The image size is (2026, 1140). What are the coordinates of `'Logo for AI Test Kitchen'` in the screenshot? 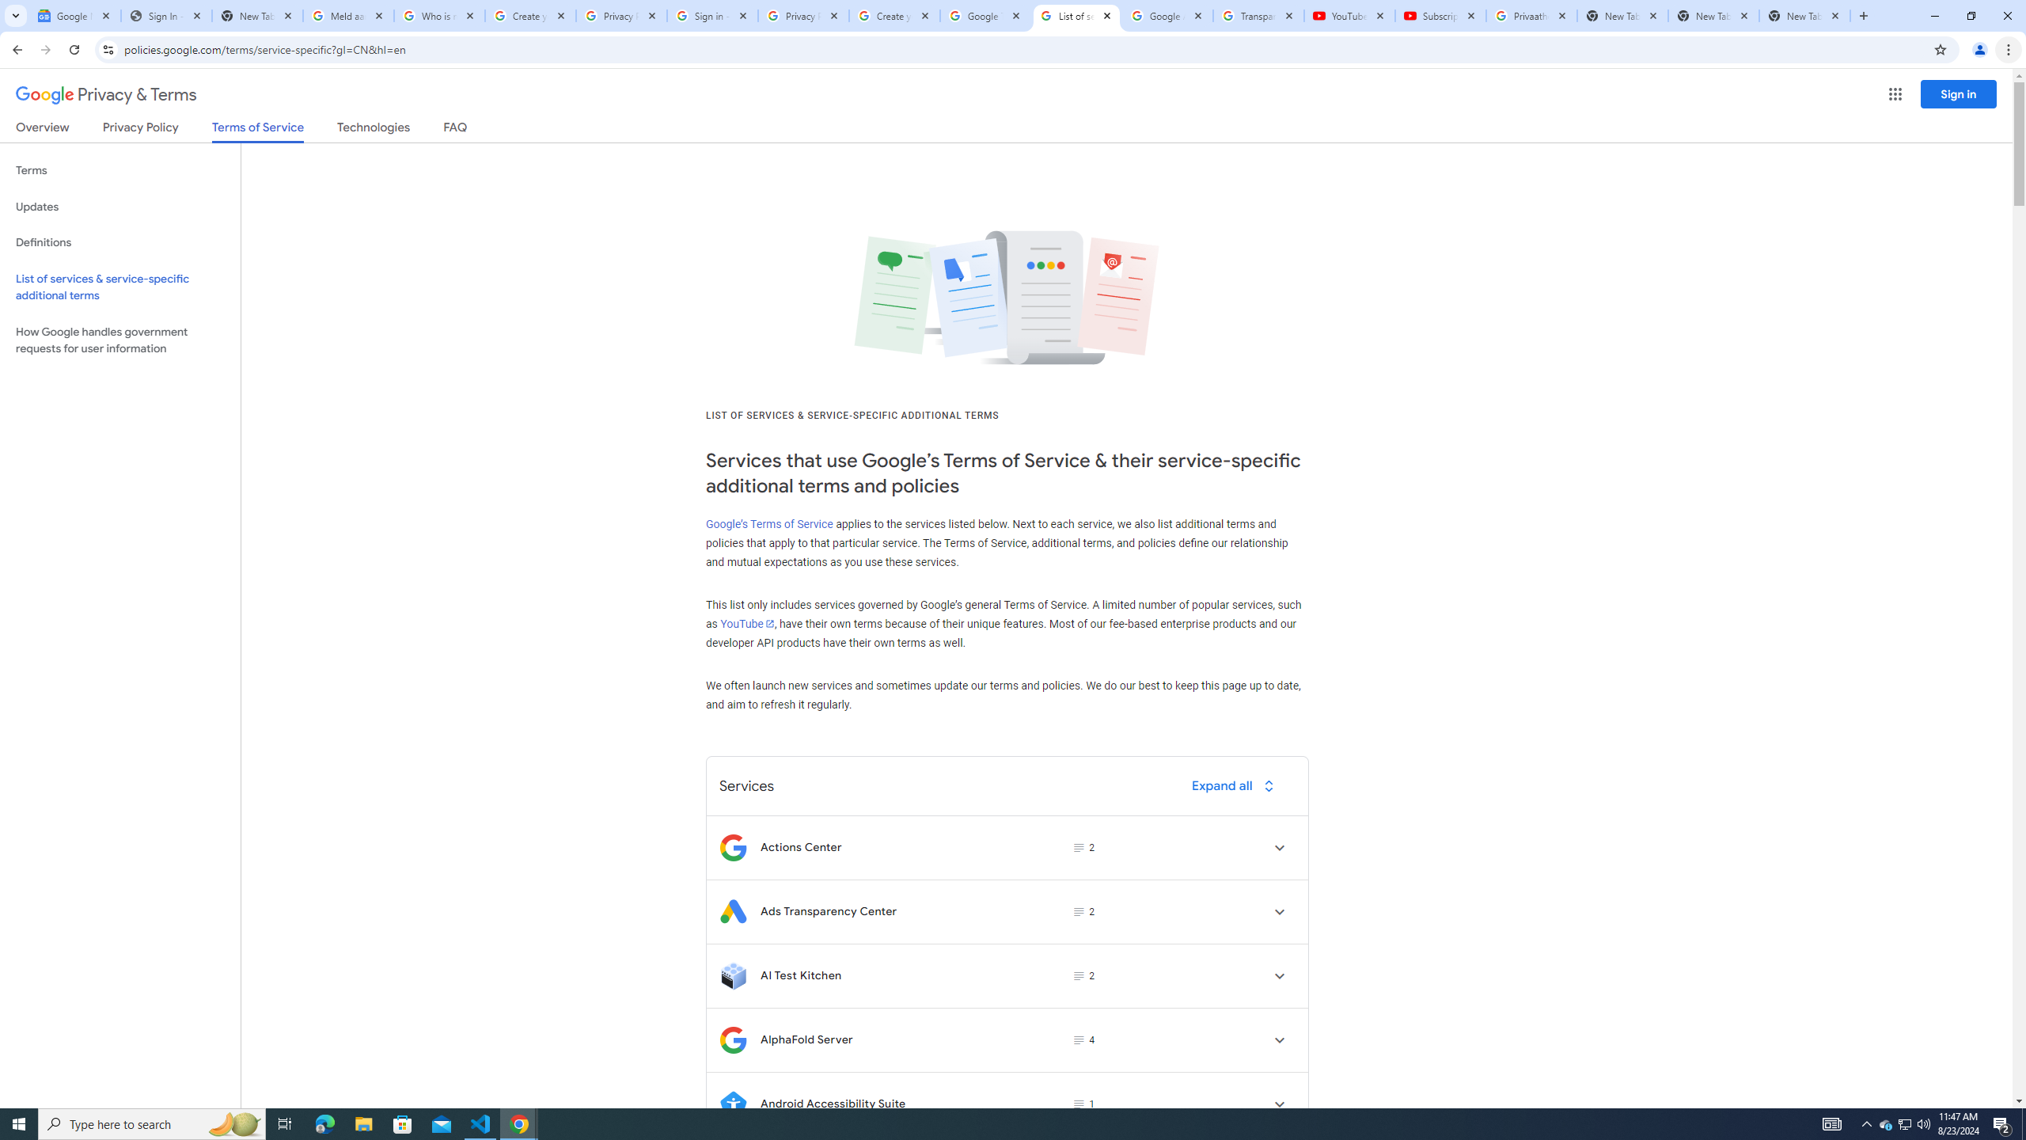 It's located at (732, 975).